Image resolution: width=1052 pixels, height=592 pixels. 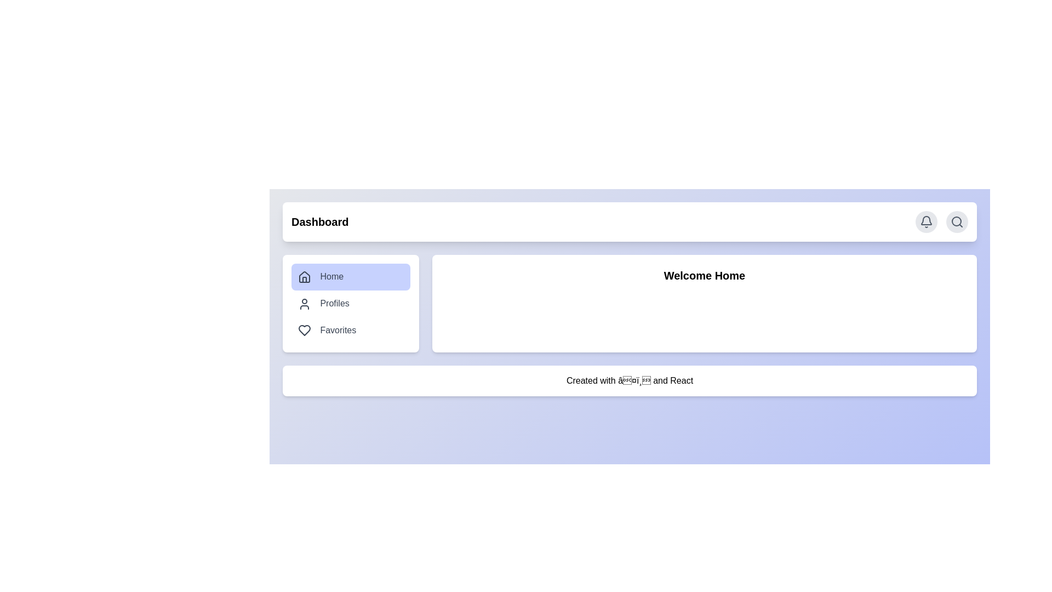 What do you see at coordinates (305, 329) in the screenshot?
I see `the heart-shaped outline icon in the vertical navigation menu` at bounding box center [305, 329].